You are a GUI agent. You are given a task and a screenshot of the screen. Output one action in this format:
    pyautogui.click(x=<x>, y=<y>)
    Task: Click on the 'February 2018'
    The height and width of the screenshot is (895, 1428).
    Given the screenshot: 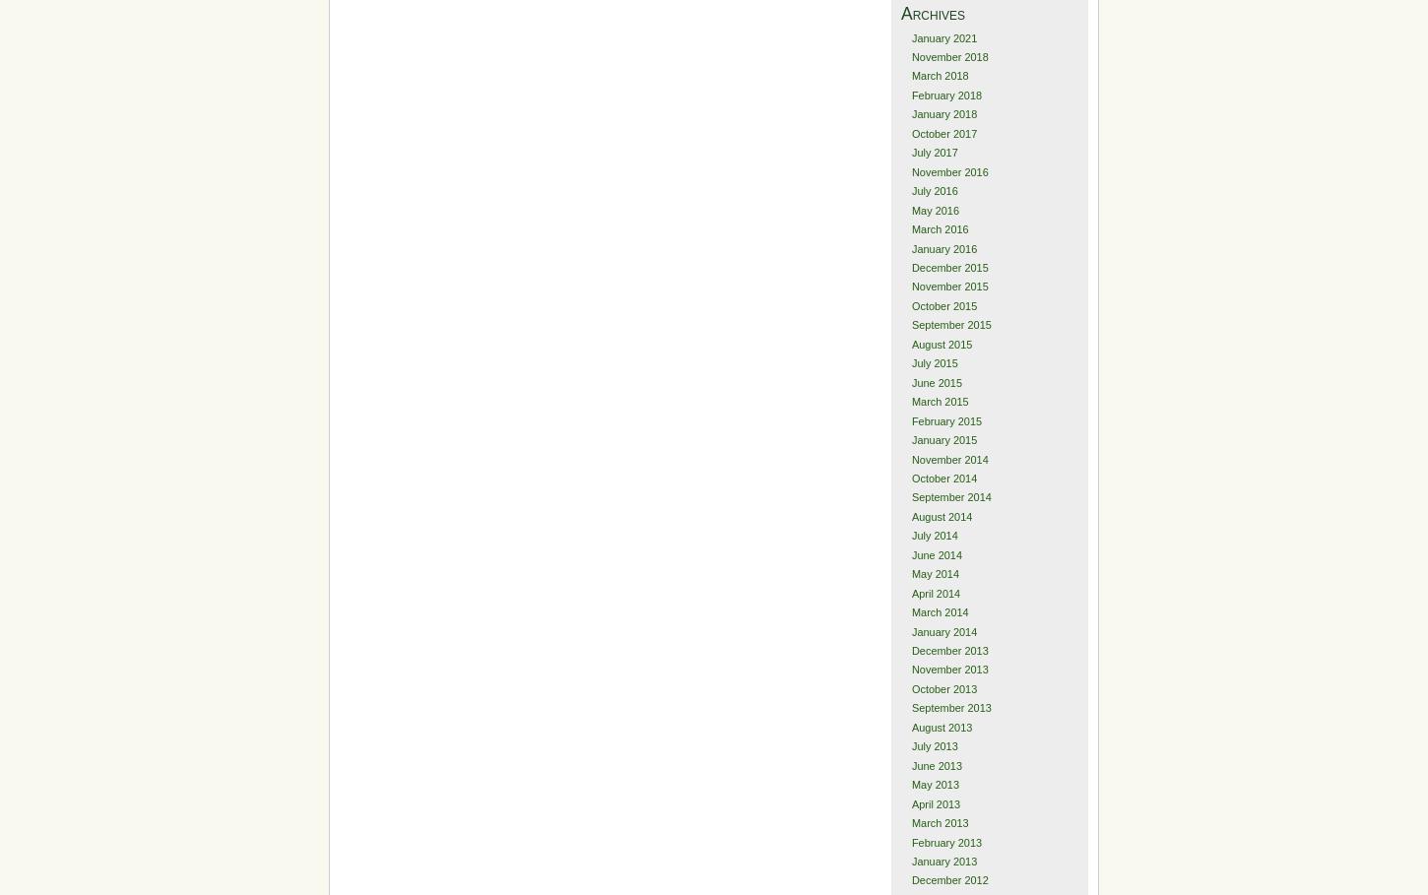 What is the action you would take?
    pyautogui.click(x=945, y=93)
    